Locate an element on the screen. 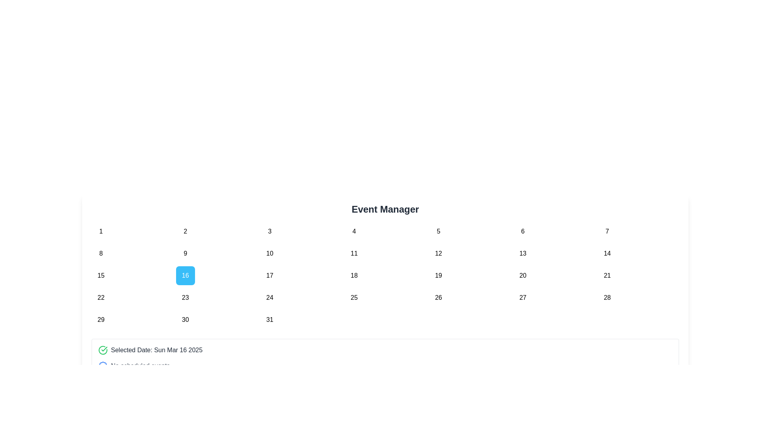 This screenshot has width=758, height=426. the selectable date button representing the date 31 in the calendar interface, located in the last row and seventh column of the grid is located at coordinates (270, 319).